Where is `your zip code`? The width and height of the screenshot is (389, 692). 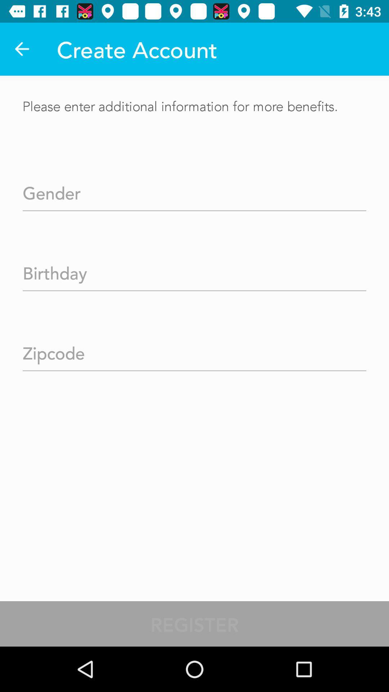 your zip code is located at coordinates (194, 351).